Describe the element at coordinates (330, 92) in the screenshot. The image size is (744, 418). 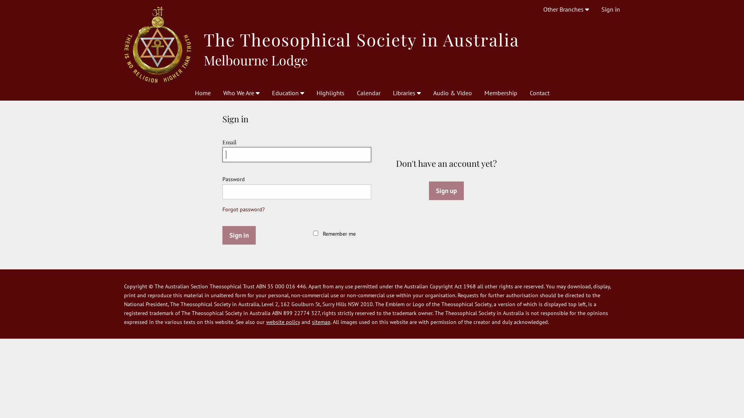
I see `'Highlights'` at that location.